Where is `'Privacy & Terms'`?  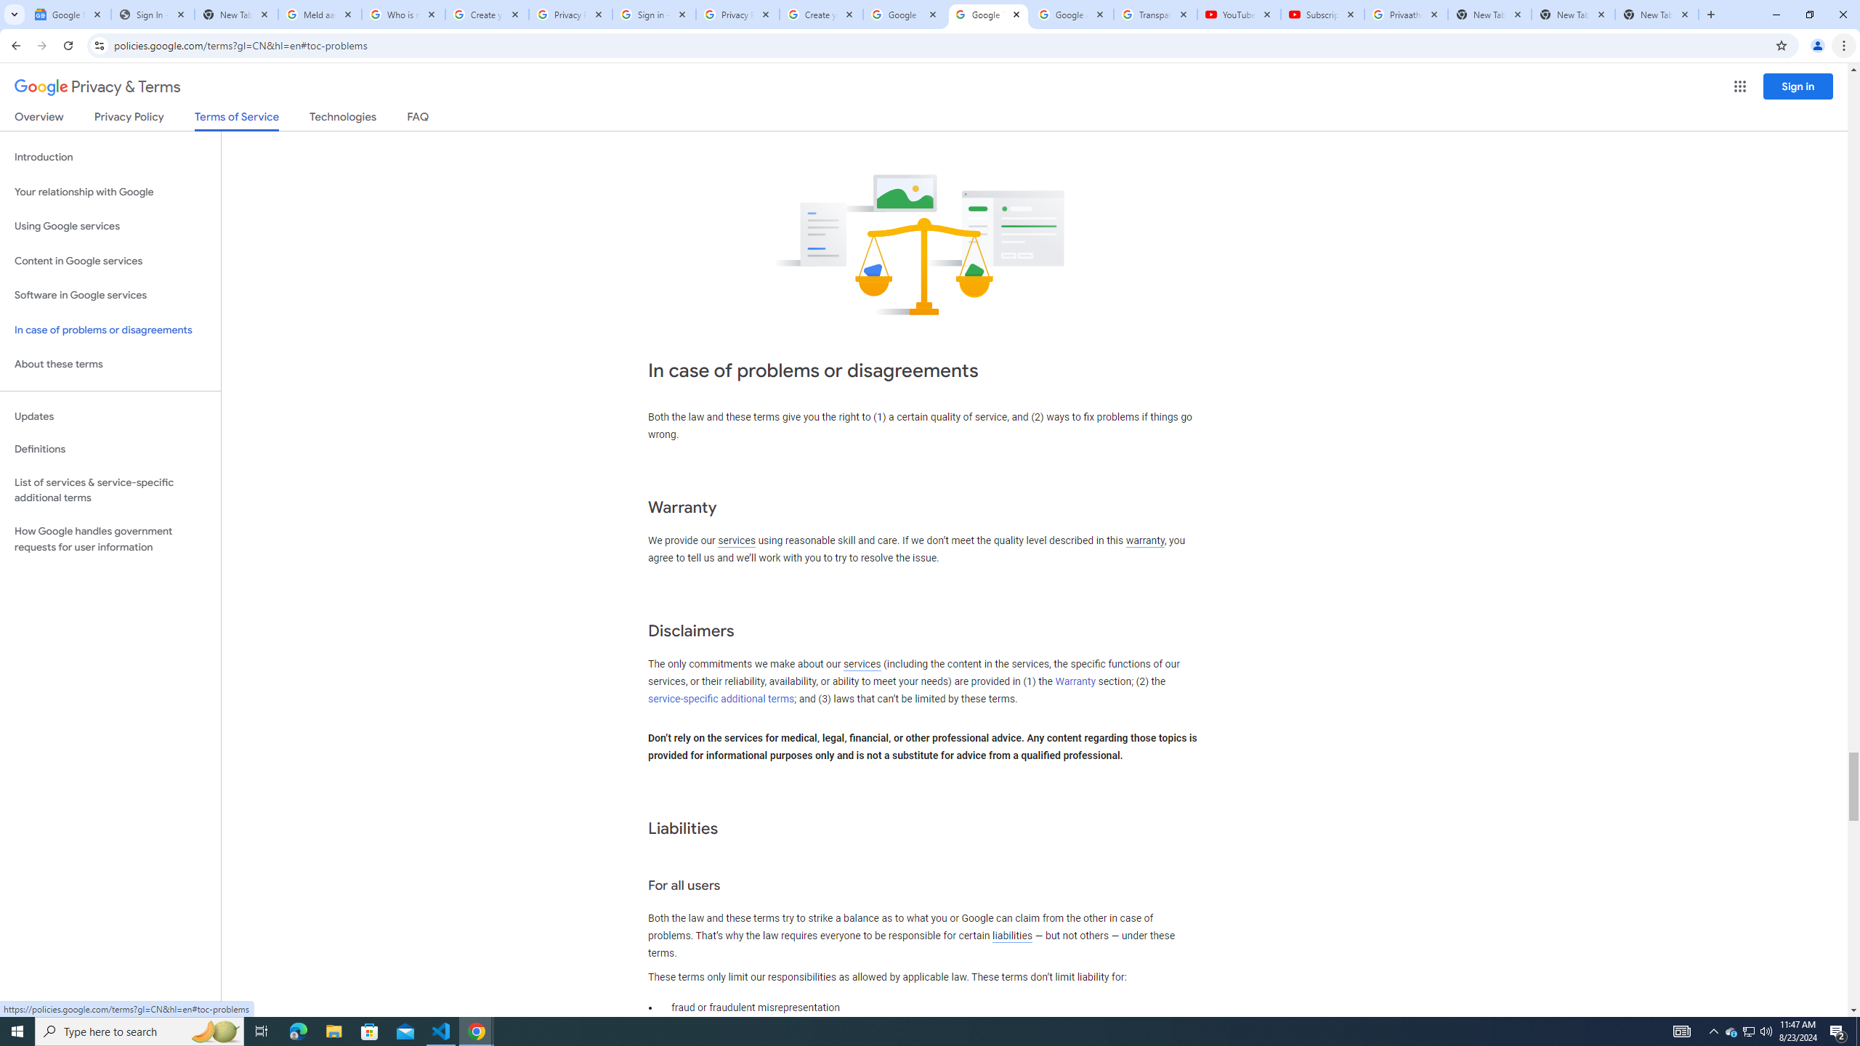 'Privacy & Terms' is located at coordinates (97, 86).